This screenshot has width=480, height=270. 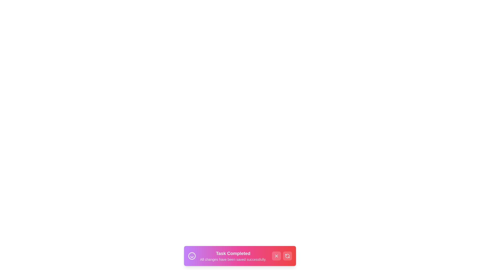 What do you see at coordinates (276, 256) in the screenshot?
I see `the close button to dismiss the notification` at bounding box center [276, 256].